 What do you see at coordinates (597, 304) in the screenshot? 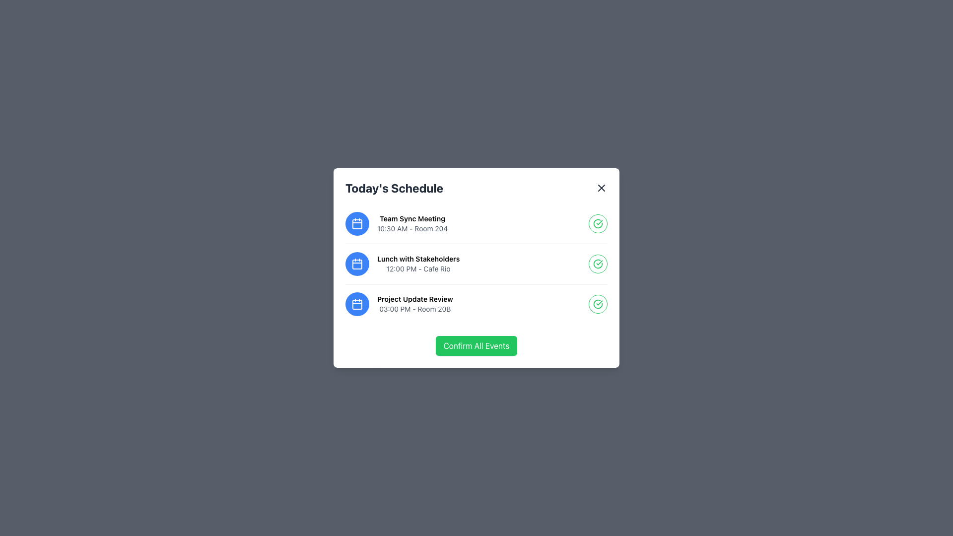
I see `the circular button with a green border and a checkmark icon located at the far right side of the 'Project Update Review' row in the 'Today's Schedule' section` at bounding box center [597, 304].